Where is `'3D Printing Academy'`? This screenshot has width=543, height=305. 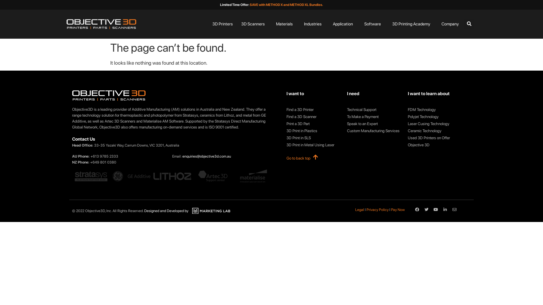 '3D Printing Academy' is located at coordinates (411, 24).